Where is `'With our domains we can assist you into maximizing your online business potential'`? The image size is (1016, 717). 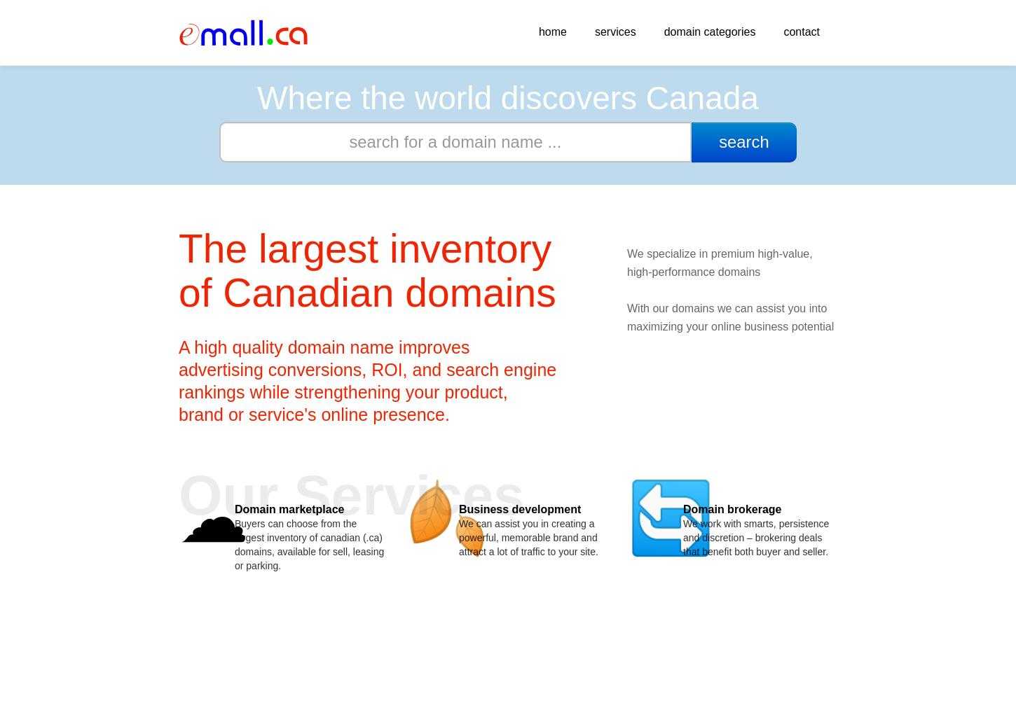 'With our domains we can assist you into maximizing your online business potential' is located at coordinates (730, 317).